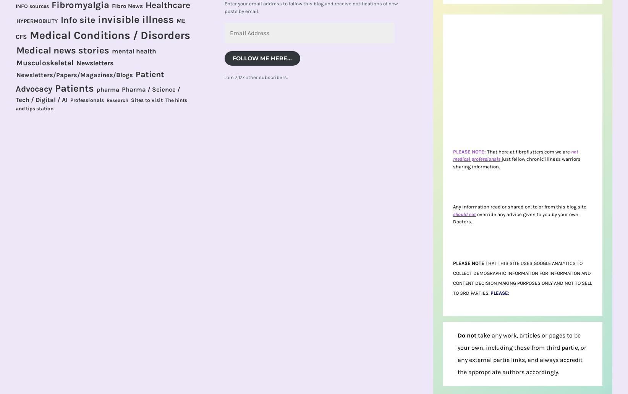  What do you see at coordinates (127, 5) in the screenshot?
I see `'Fibro News'` at bounding box center [127, 5].